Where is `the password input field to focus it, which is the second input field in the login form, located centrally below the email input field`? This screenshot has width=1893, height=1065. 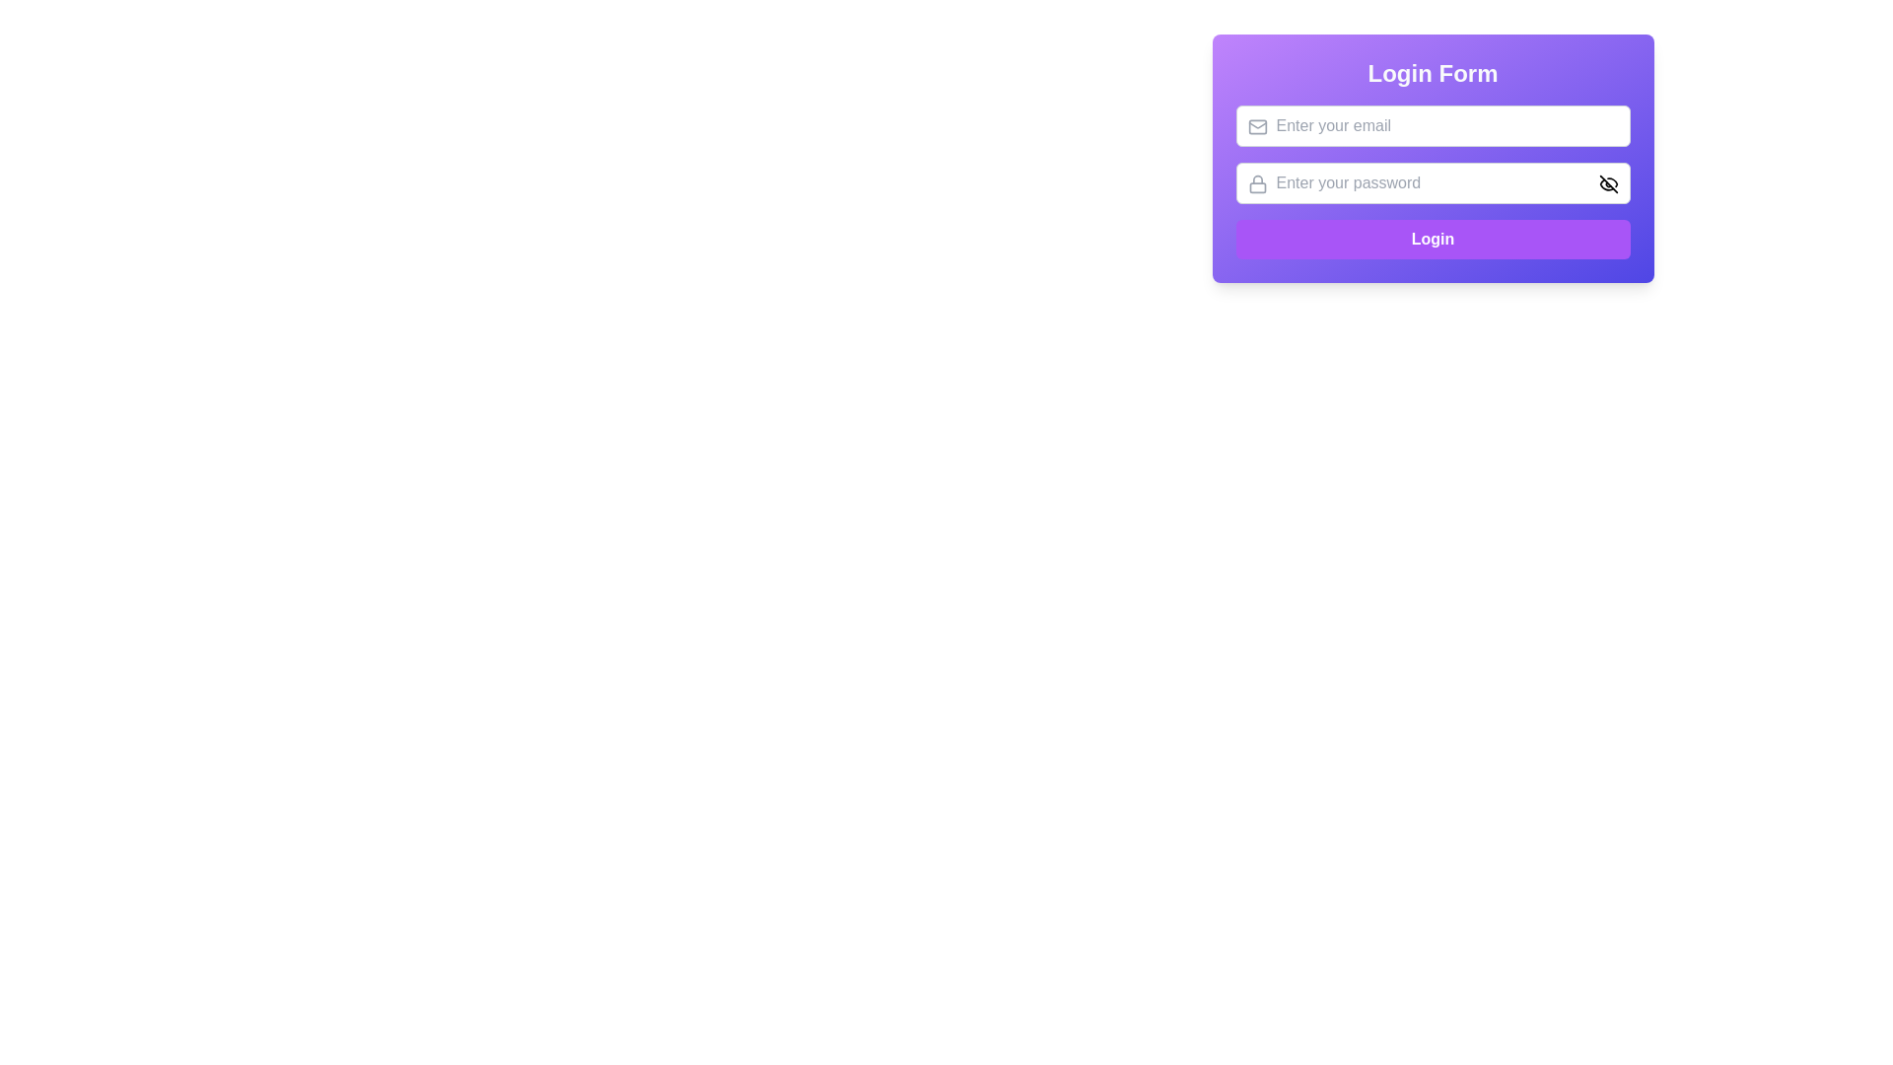
the password input field to focus it, which is the second input field in the login form, located centrally below the email input field is located at coordinates (1433, 182).